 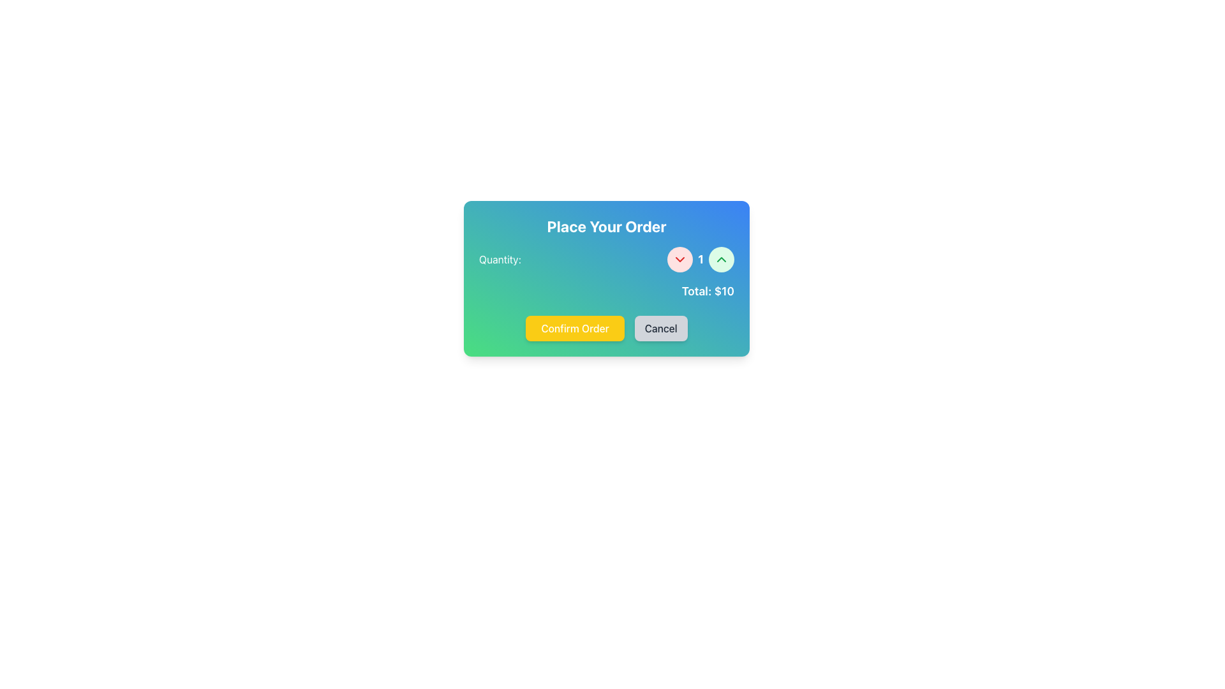 What do you see at coordinates (679, 259) in the screenshot?
I see `the decrement icon located within the circular button to the right of the numeric input field labeled '1' to decrease the quantity` at bounding box center [679, 259].